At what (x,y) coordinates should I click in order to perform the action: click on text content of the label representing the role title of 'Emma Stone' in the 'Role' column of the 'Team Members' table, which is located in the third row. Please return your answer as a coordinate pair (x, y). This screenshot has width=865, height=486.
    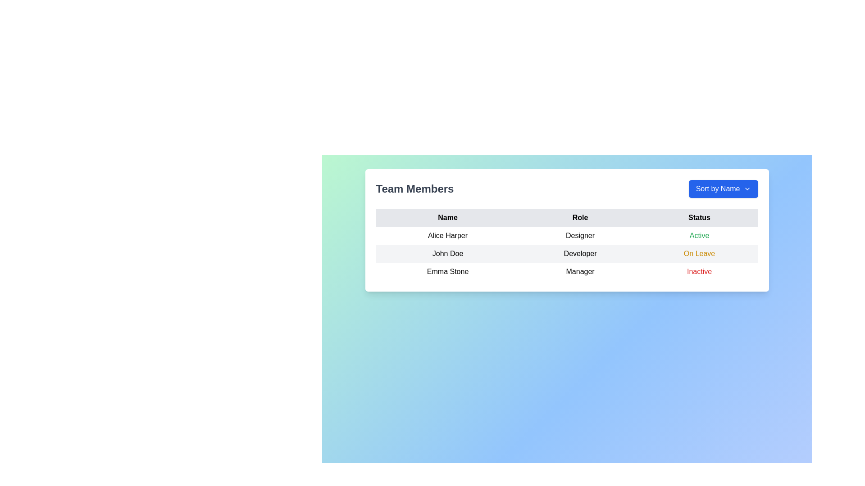
    Looking at the image, I should click on (580, 271).